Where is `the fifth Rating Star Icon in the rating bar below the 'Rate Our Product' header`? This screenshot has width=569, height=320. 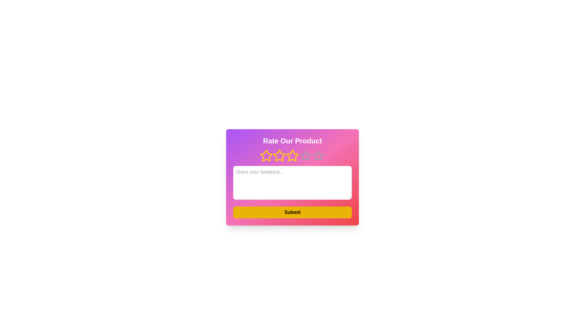 the fifth Rating Star Icon in the rating bar below the 'Rate Our Product' header is located at coordinates (318, 155).